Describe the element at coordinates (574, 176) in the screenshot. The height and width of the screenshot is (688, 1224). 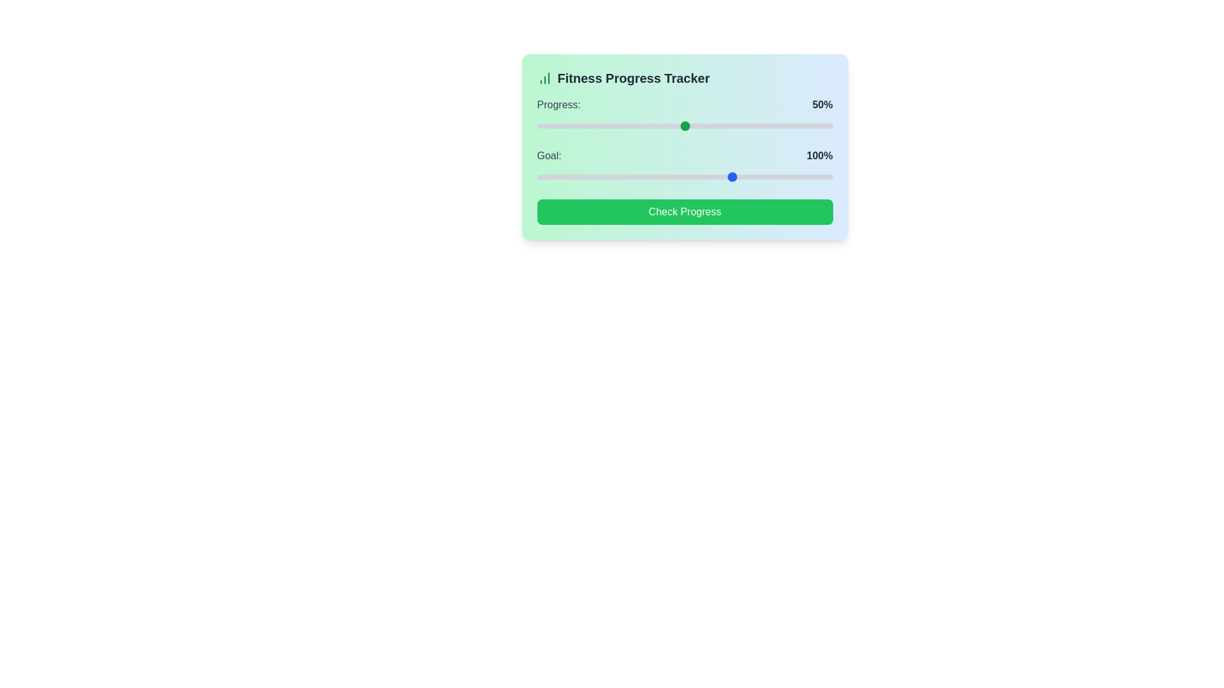
I see `the goal slider to 63%` at that location.